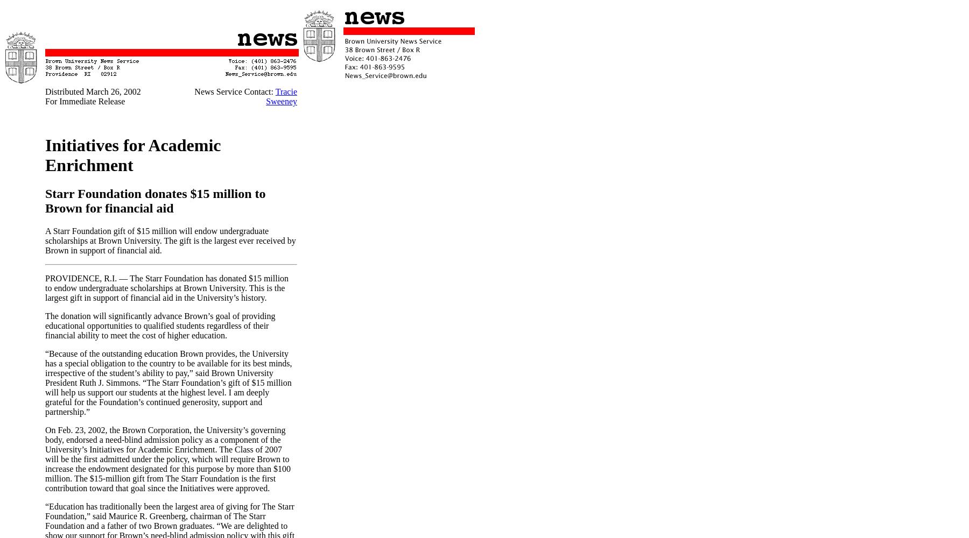 Image resolution: width=969 pixels, height=538 pixels. What do you see at coordinates (281, 96) in the screenshot?
I see `'Tracie Sweeney'` at bounding box center [281, 96].